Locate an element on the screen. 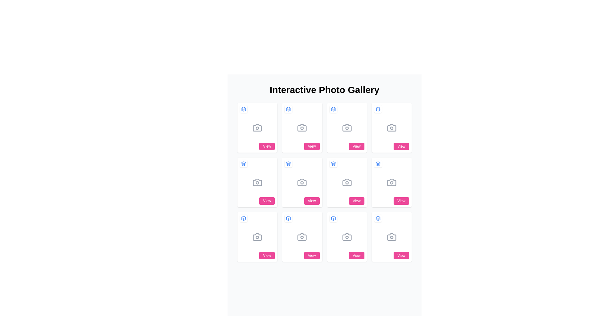 This screenshot has width=596, height=335. the camera icon in the photo gallery interface, which indicates the absence of an image and is located in the second column and third row of the grid layout is located at coordinates (302, 237).